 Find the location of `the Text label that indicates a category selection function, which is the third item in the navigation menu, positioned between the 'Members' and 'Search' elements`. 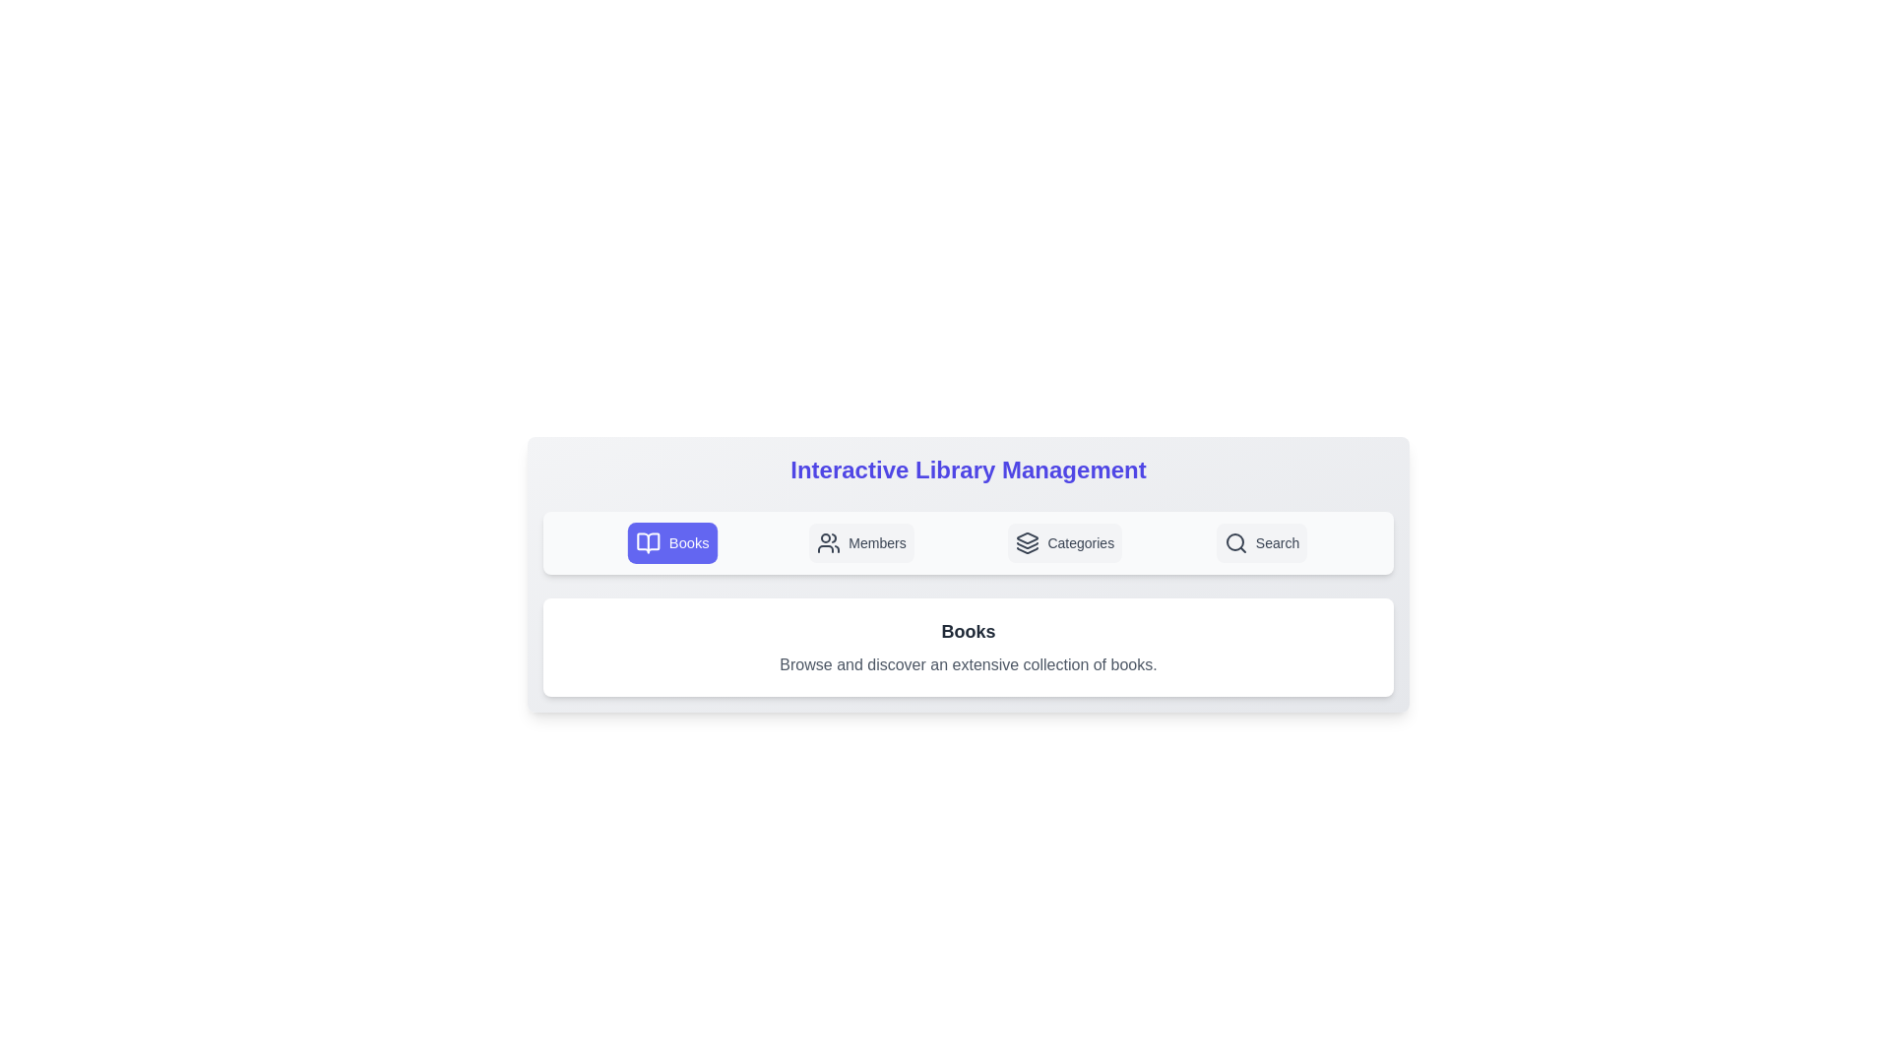

the Text label that indicates a category selection function, which is the third item in the navigation menu, positioned between the 'Members' and 'Search' elements is located at coordinates (1080, 542).